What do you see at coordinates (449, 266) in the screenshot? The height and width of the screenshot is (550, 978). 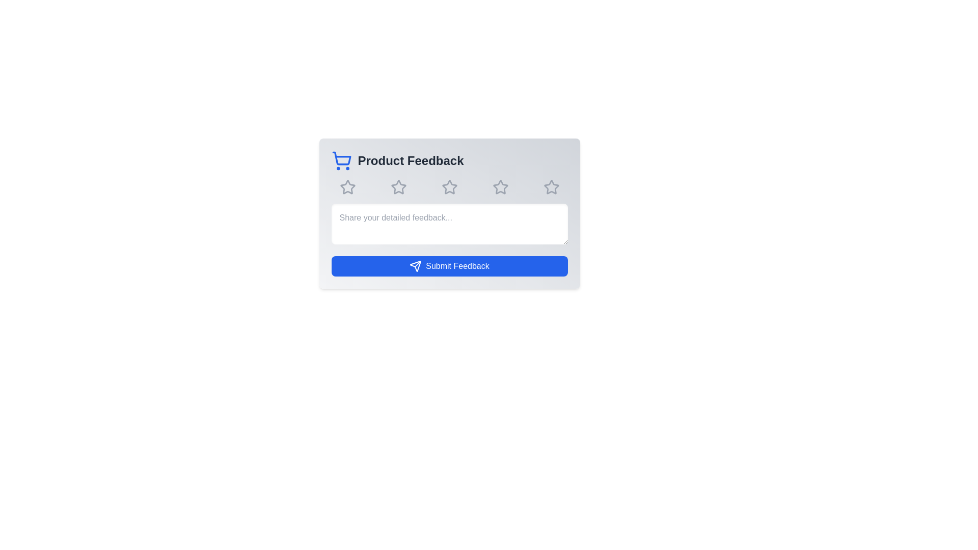 I see `the feedback submission button located at the bottom center of the interface, directly below the 'Share your detailed feedback...' text input box` at bounding box center [449, 266].